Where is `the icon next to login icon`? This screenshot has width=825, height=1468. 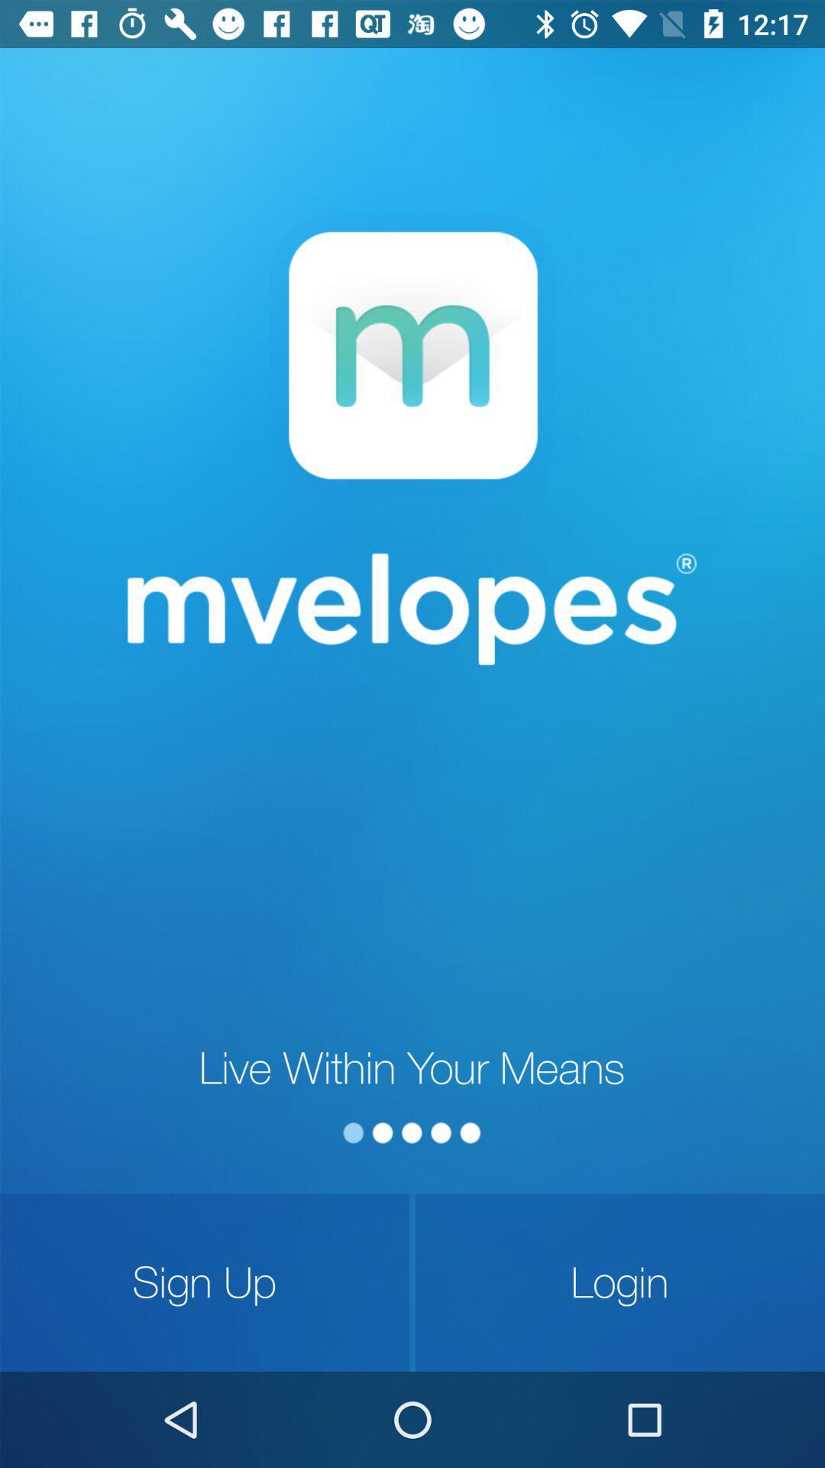
the icon next to login icon is located at coordinates (204, 1282).